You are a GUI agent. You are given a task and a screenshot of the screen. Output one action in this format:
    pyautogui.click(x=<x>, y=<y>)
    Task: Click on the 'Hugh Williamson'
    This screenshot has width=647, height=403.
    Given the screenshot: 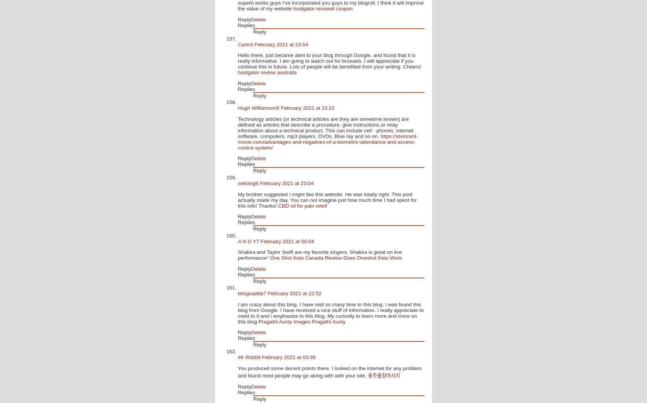 What is the action you would take?
    pyautogui.click(x=257, y=107)
    